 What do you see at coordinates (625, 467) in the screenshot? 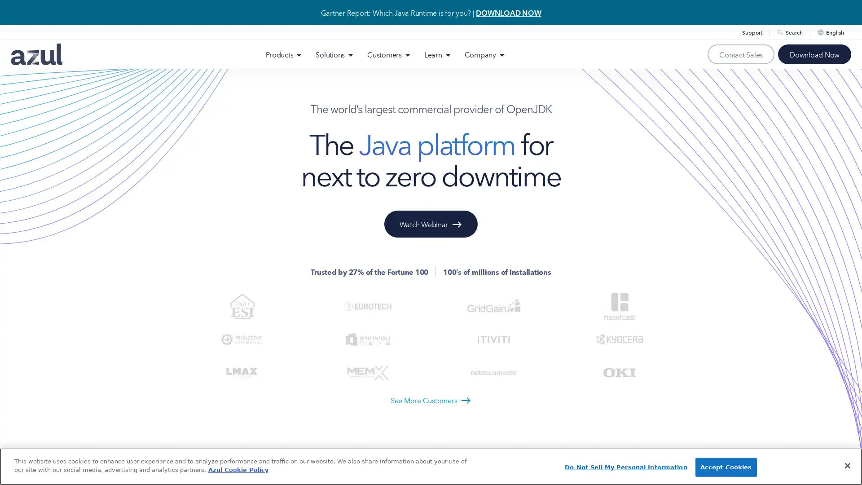
I see `Do Not Sell My Personal Information` at bounding box center [625, 467].